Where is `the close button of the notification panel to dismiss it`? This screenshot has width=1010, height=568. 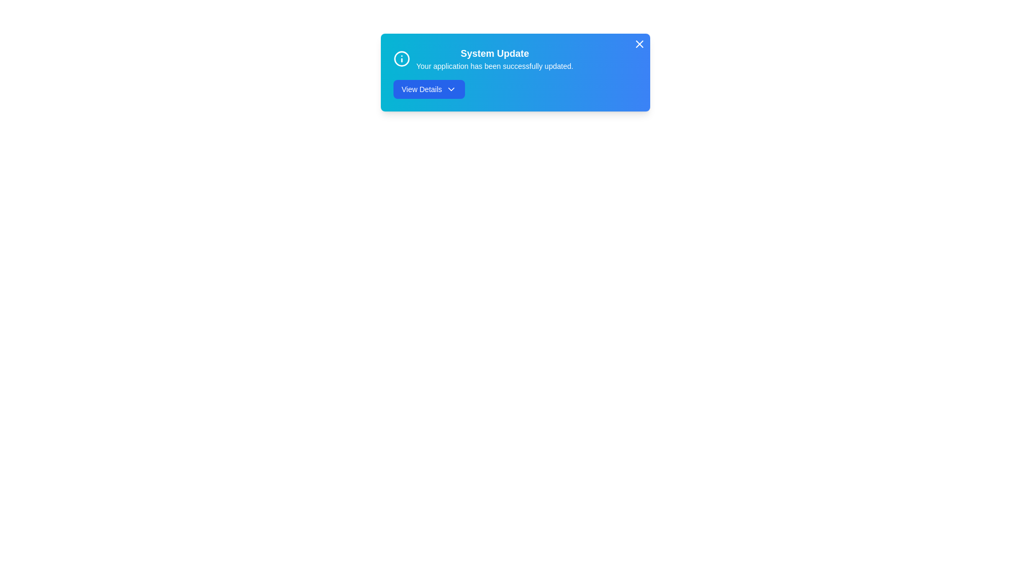
the close button of the notification panel to dismiss it is located at coordinates (639, 44).